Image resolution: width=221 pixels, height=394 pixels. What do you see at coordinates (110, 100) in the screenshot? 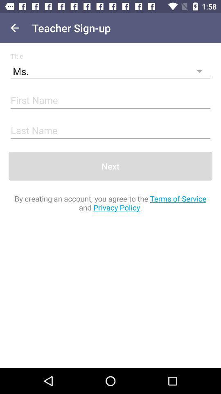
I see `open in facebook id` at bounding box center [110, 100].